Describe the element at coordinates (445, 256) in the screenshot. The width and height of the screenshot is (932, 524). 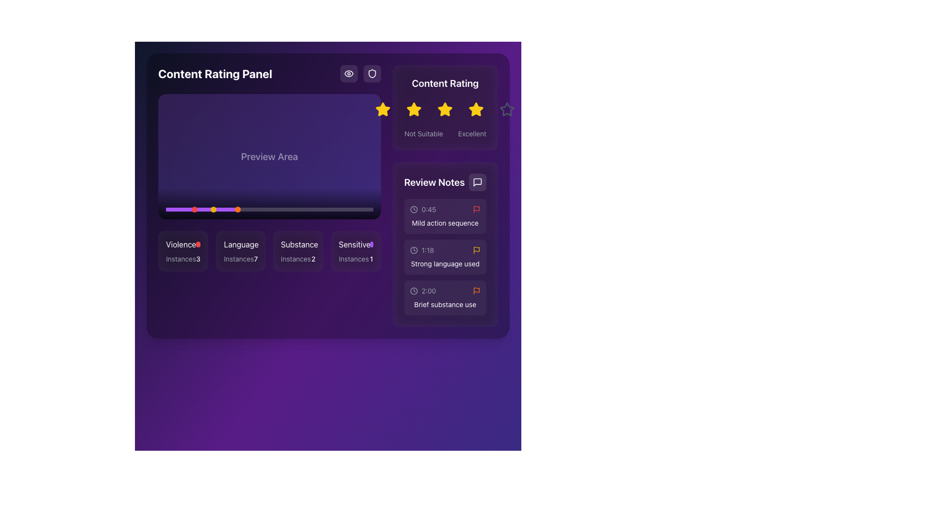
I see `description of the second entry in the 'Review Notes' section, which includes a clock icon, a timestamp, and a flag icon with a note styled in white font` at that location.